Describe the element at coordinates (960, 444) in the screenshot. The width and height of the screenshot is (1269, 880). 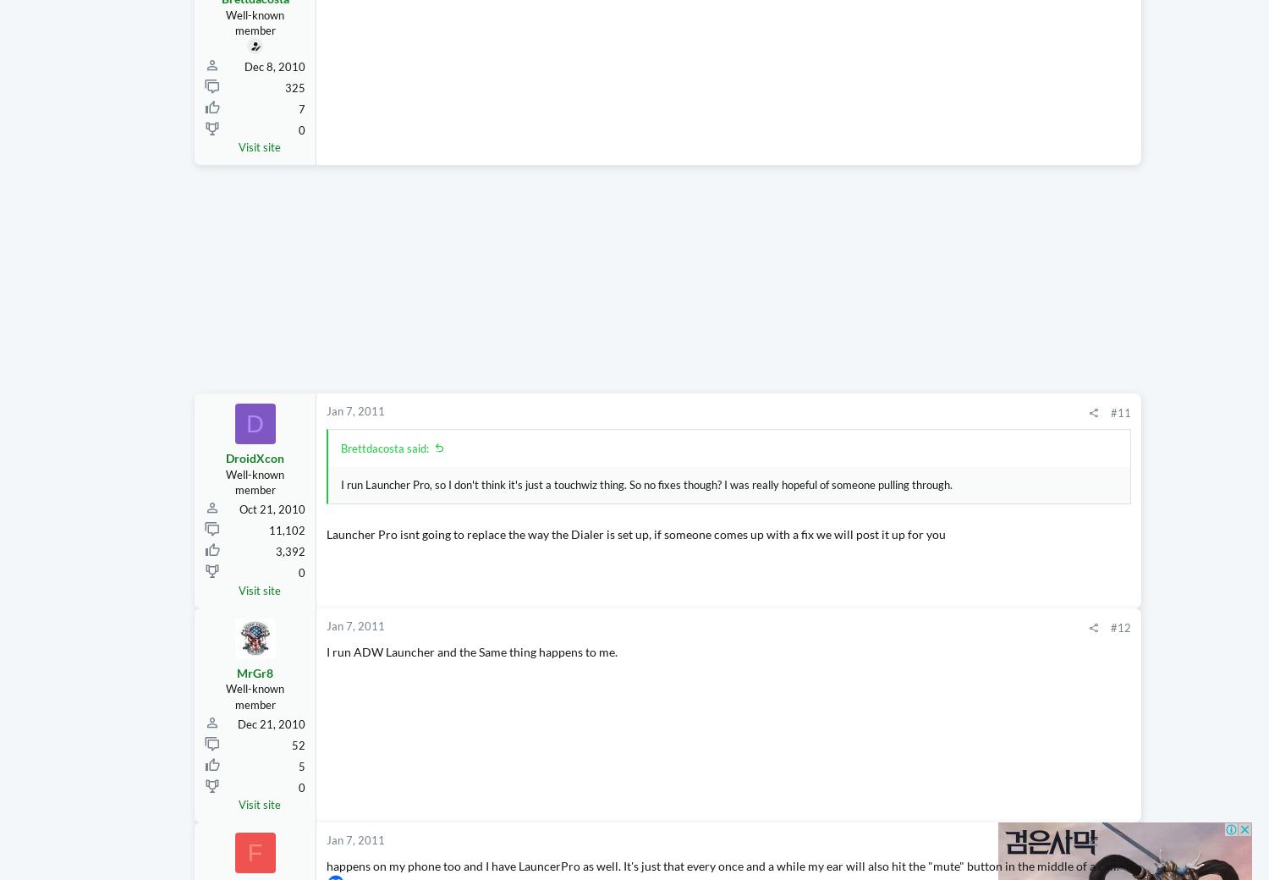
I see `'#11'` at that location.